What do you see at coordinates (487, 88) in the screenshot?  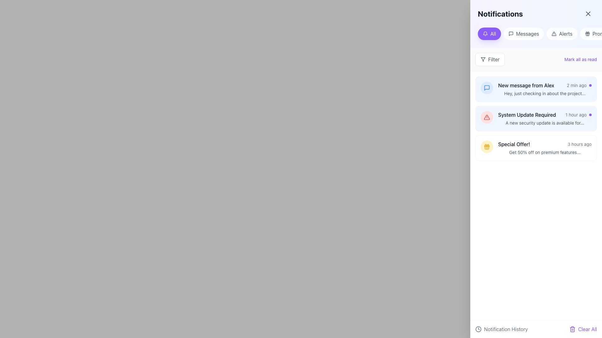 I see `the circular button-like icon with a blue outline and a speech bubble symbol, located at the beginning of the notification item labeled 'New message from Alex'` at bounding box center [487, 88].